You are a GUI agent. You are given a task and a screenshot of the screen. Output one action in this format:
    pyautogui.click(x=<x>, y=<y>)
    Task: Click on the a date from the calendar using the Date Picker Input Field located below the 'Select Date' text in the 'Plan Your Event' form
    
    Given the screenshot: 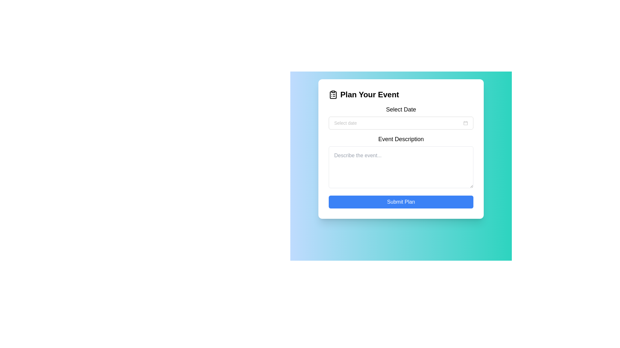 What is the action you would take?
    pyautogui.click(x=401, y=123)
    